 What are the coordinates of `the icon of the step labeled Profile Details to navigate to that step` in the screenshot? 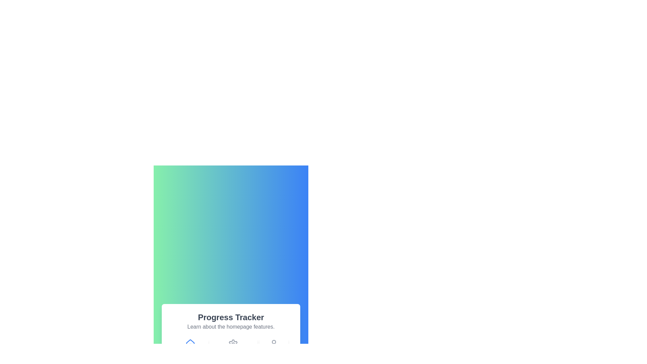 It's located at (274, 348).